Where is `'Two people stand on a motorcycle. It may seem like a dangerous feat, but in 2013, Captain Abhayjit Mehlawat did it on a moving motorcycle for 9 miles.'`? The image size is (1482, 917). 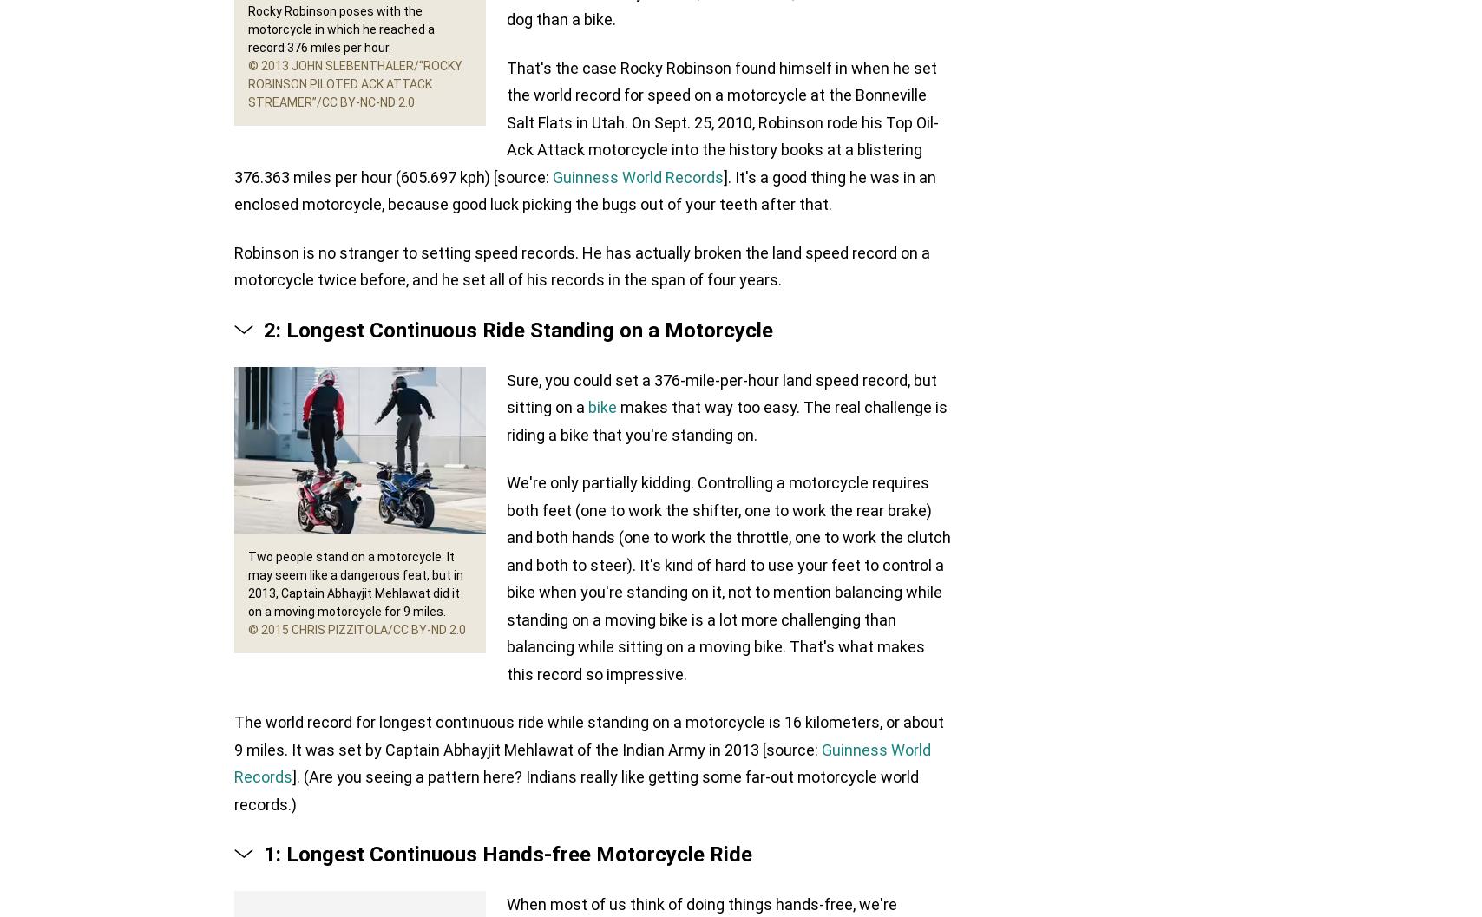
'Two people stand on a motorcycle. It may seem like a dangerous feat, but in 2013, Captain Abhayjit Mehlawat did it on a moving motorcycle for 9 miles.' is located at coordinates (355, 583).